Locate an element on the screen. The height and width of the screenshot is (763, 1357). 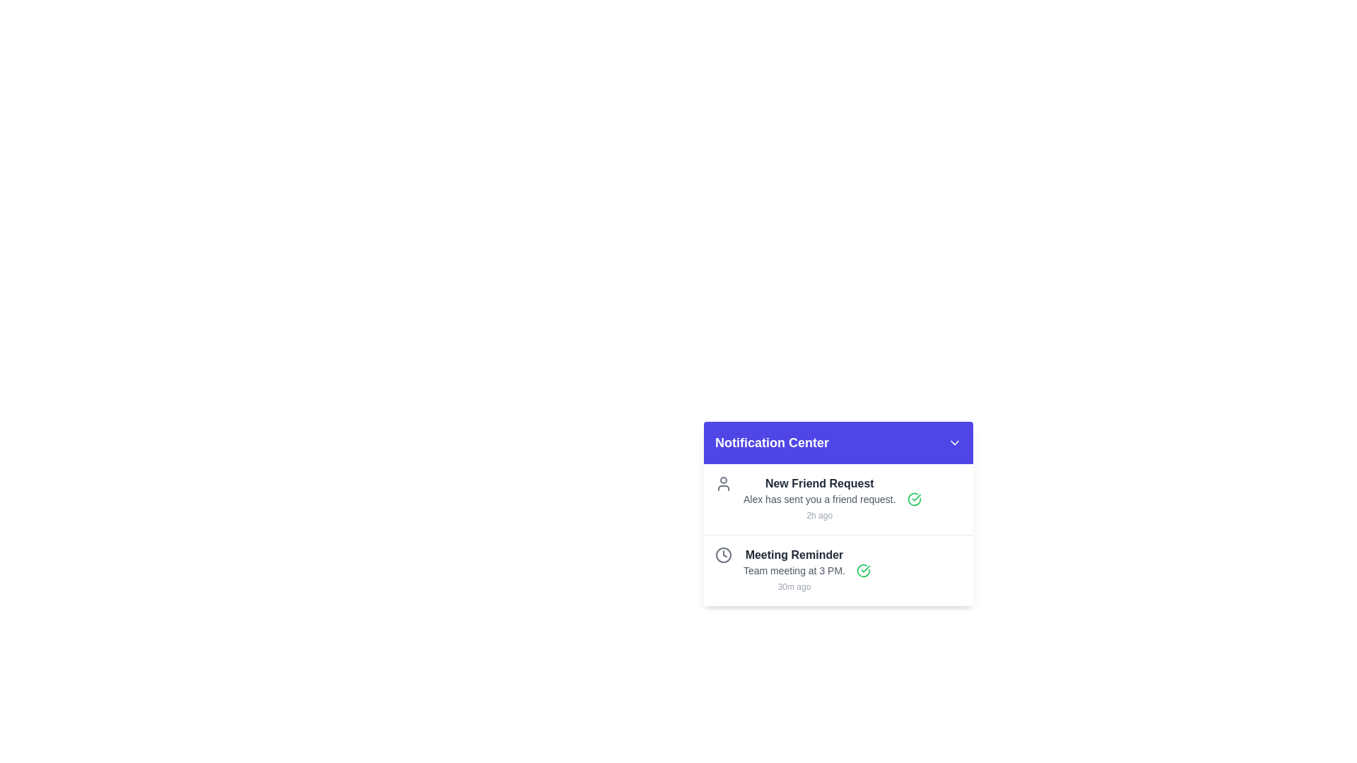
the notification text block that informs the user about a new friend request from 'Alex' for accessibility purposes is located at coordinates (819, 498).